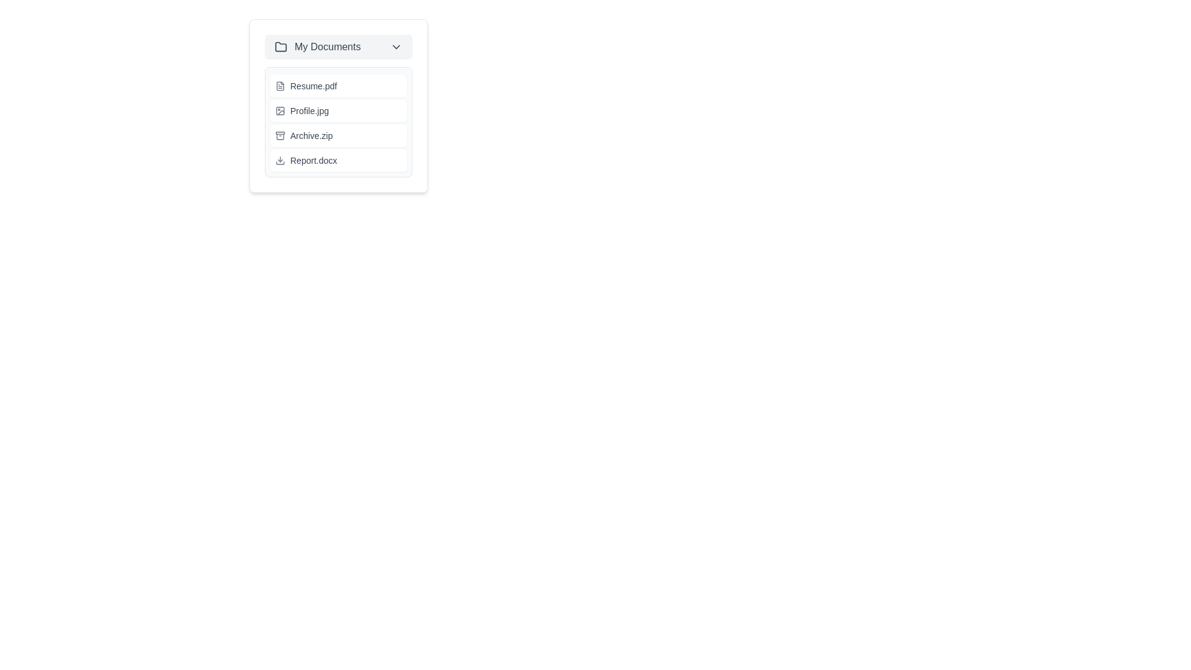 This screenshot has width=1191, height=670. I want to click on the text label representing the document named 'Resume.pdf', so click(313, 85).